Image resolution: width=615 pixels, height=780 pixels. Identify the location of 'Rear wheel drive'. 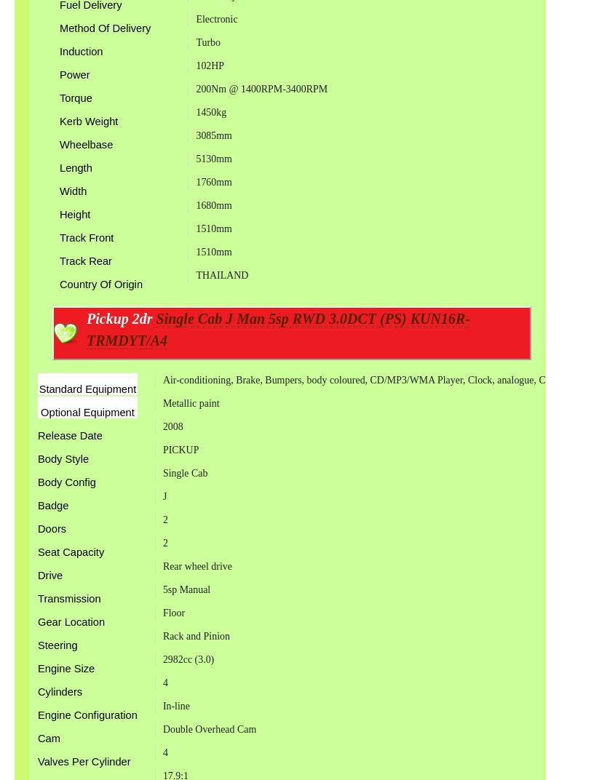
(197, 566).